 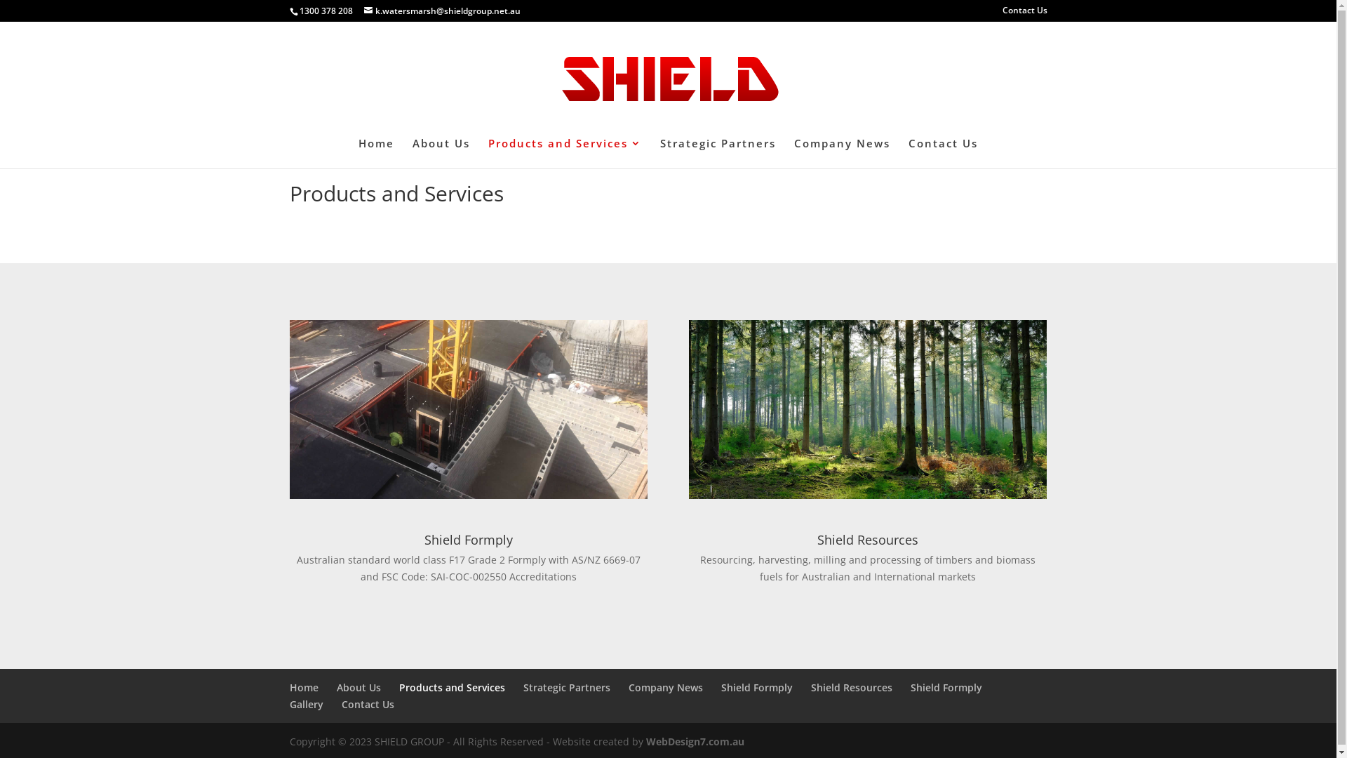 What do you see at coordinates (358, 686) in the screenshot?
I see `'About Us'` at bounding box center [358, 686].